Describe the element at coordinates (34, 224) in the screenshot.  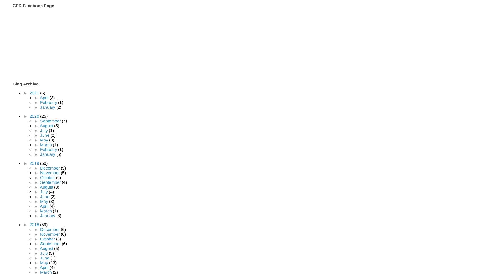
I see `'2018'` at that location.